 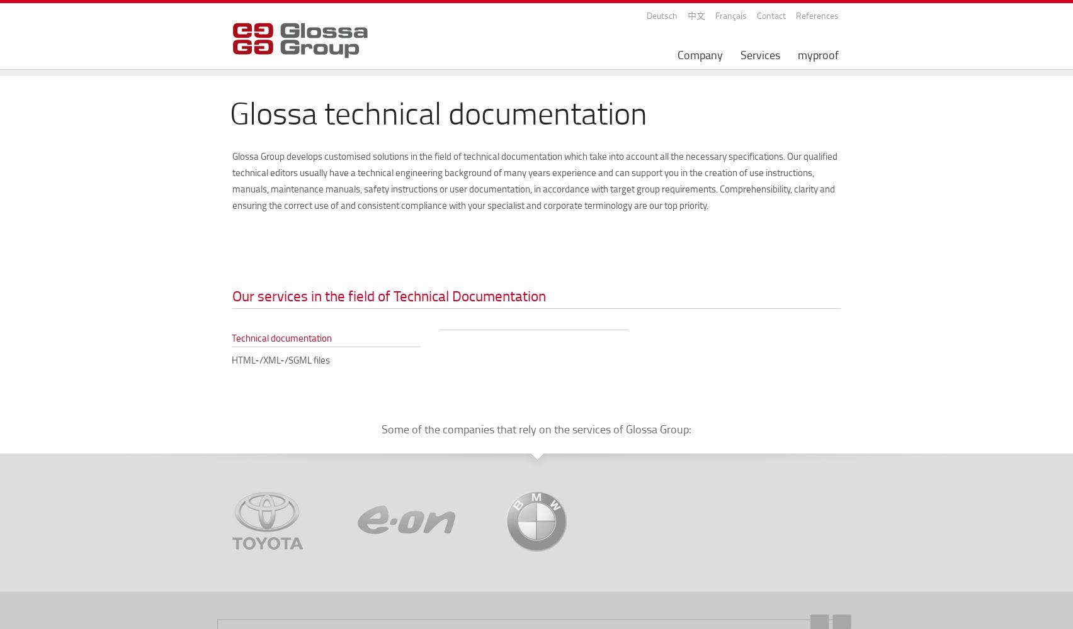 I want to click on 'Français', so click(x=715, y=15).